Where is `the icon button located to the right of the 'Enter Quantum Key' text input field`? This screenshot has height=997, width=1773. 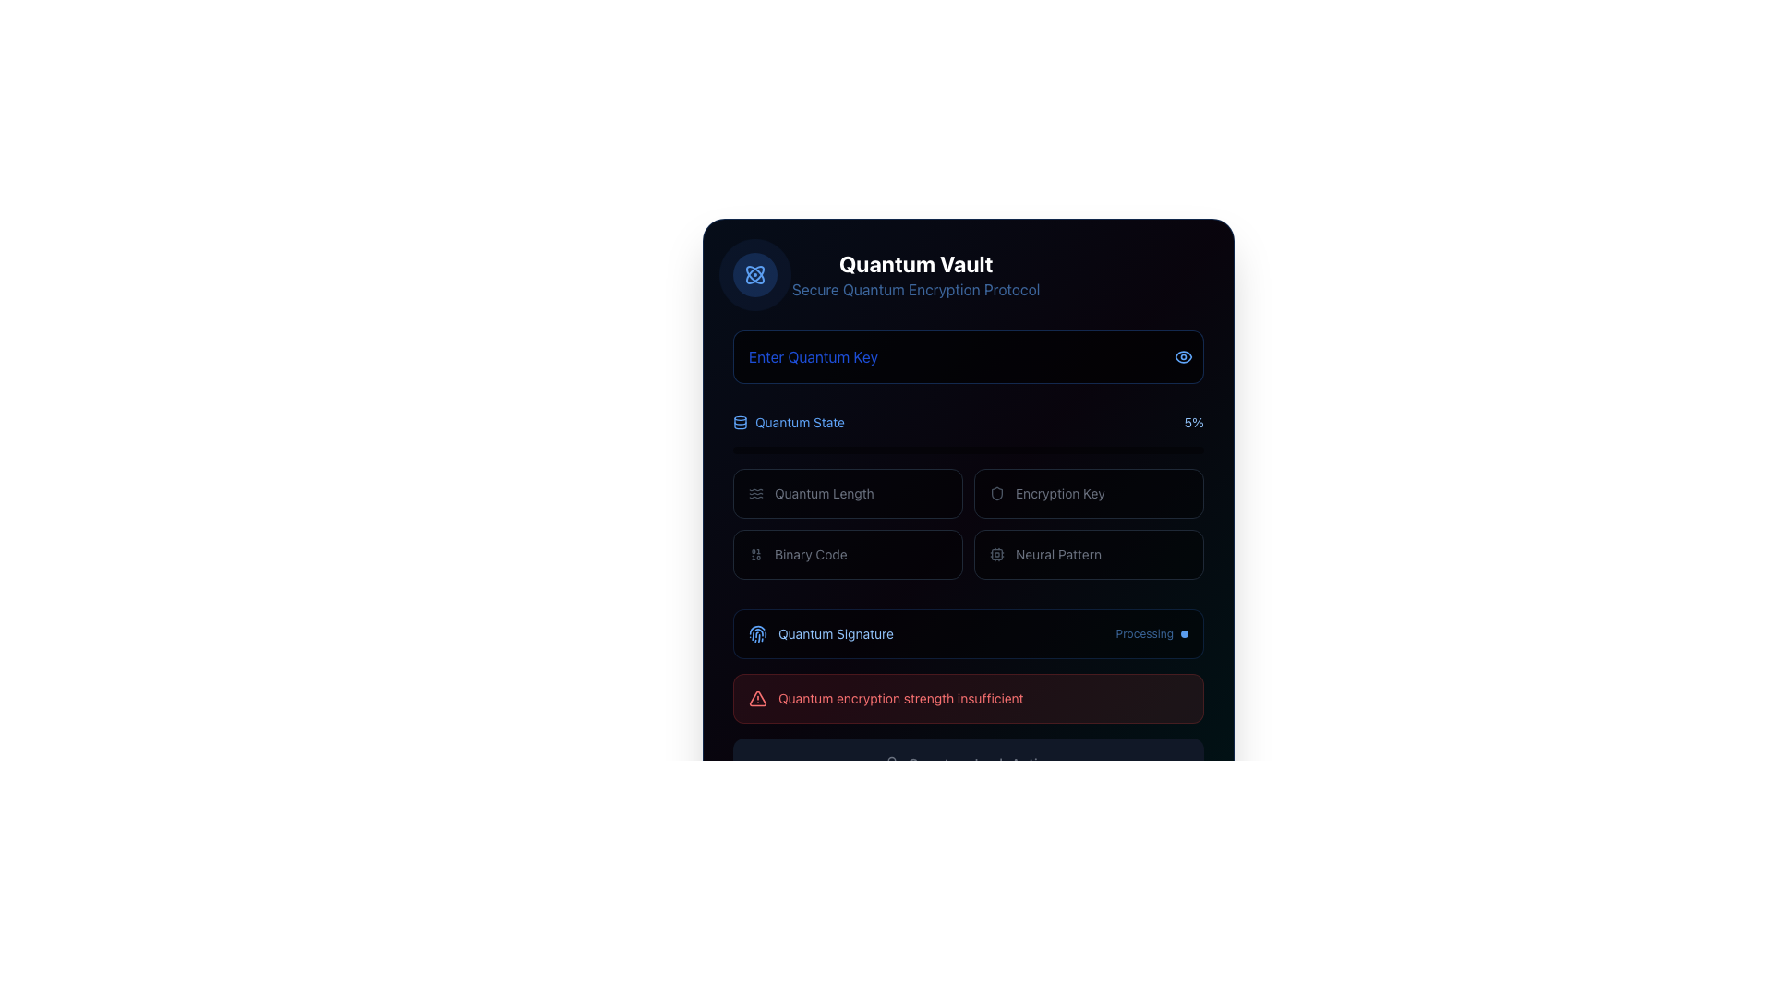
the icon button located to the right of the 'Enter Quantum Key' text input field is located at coordinates (1183, 356).